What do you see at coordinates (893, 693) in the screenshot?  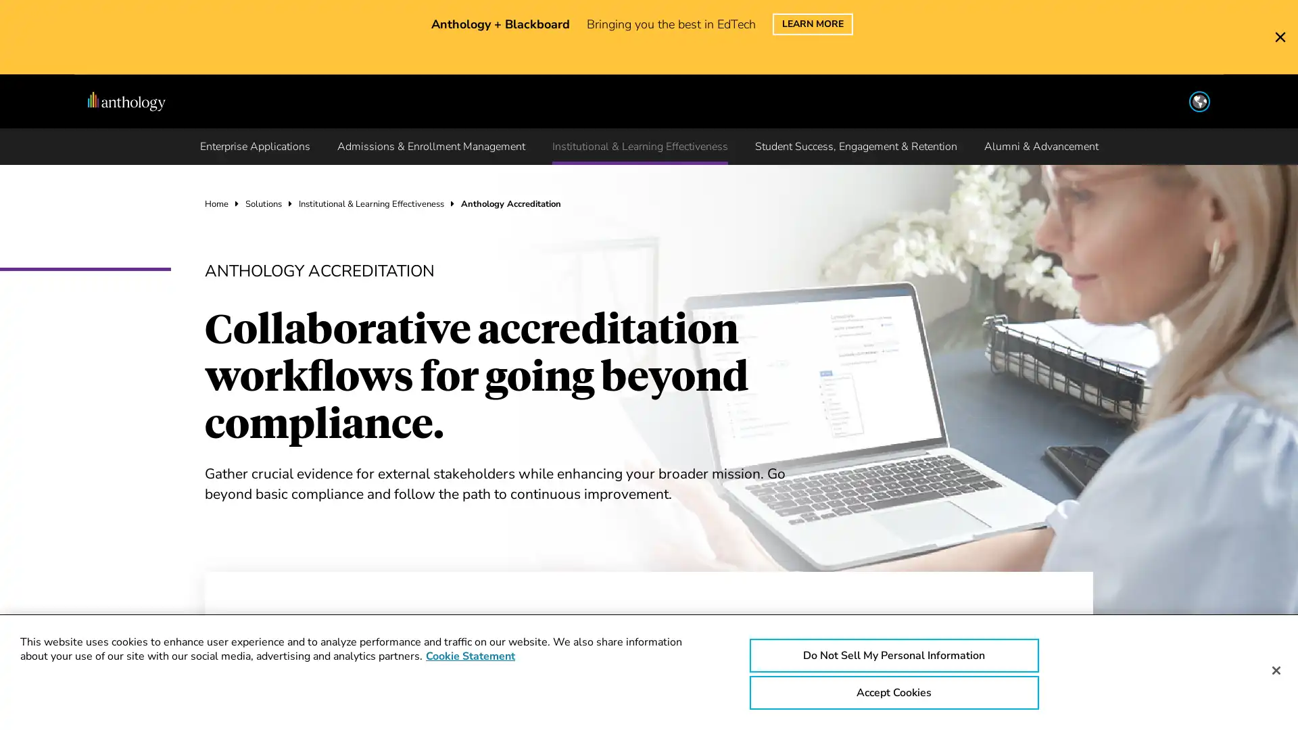 I see `Accept Cookies` at bounding box center [893, 693].